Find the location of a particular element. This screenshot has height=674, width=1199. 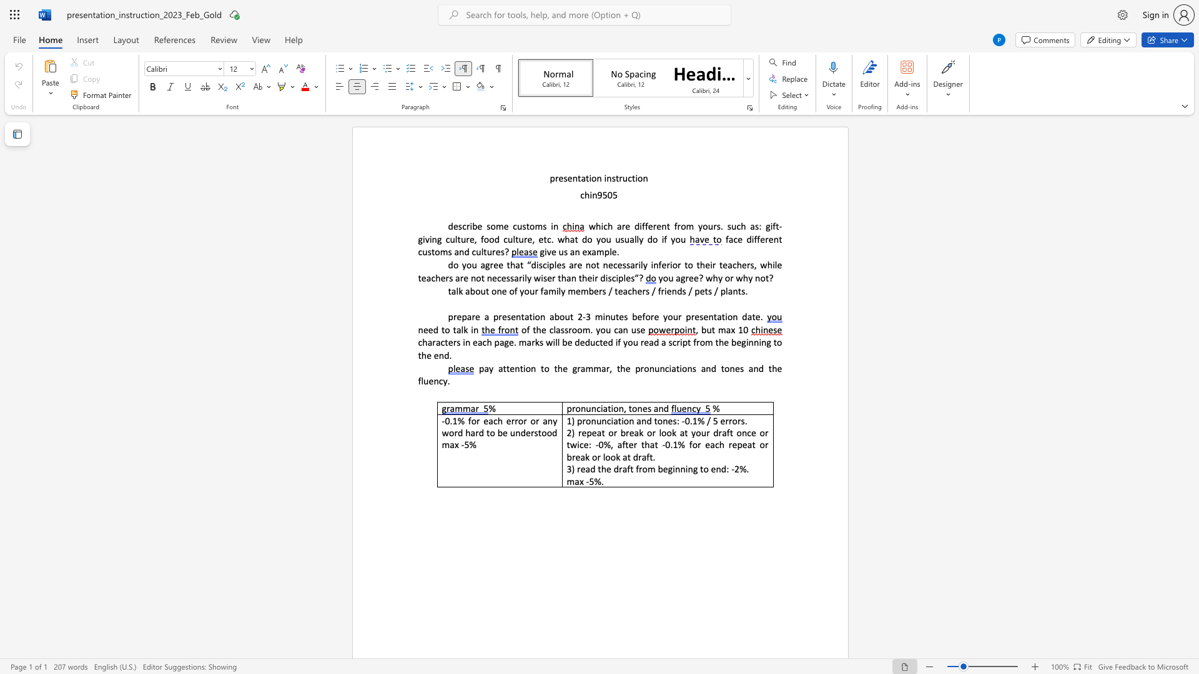

the subset text "nes: -0.1% / 5" within the text "1) pronunciation and tones: -0.1% / 5 errors." is located at coordinates (662, 421).